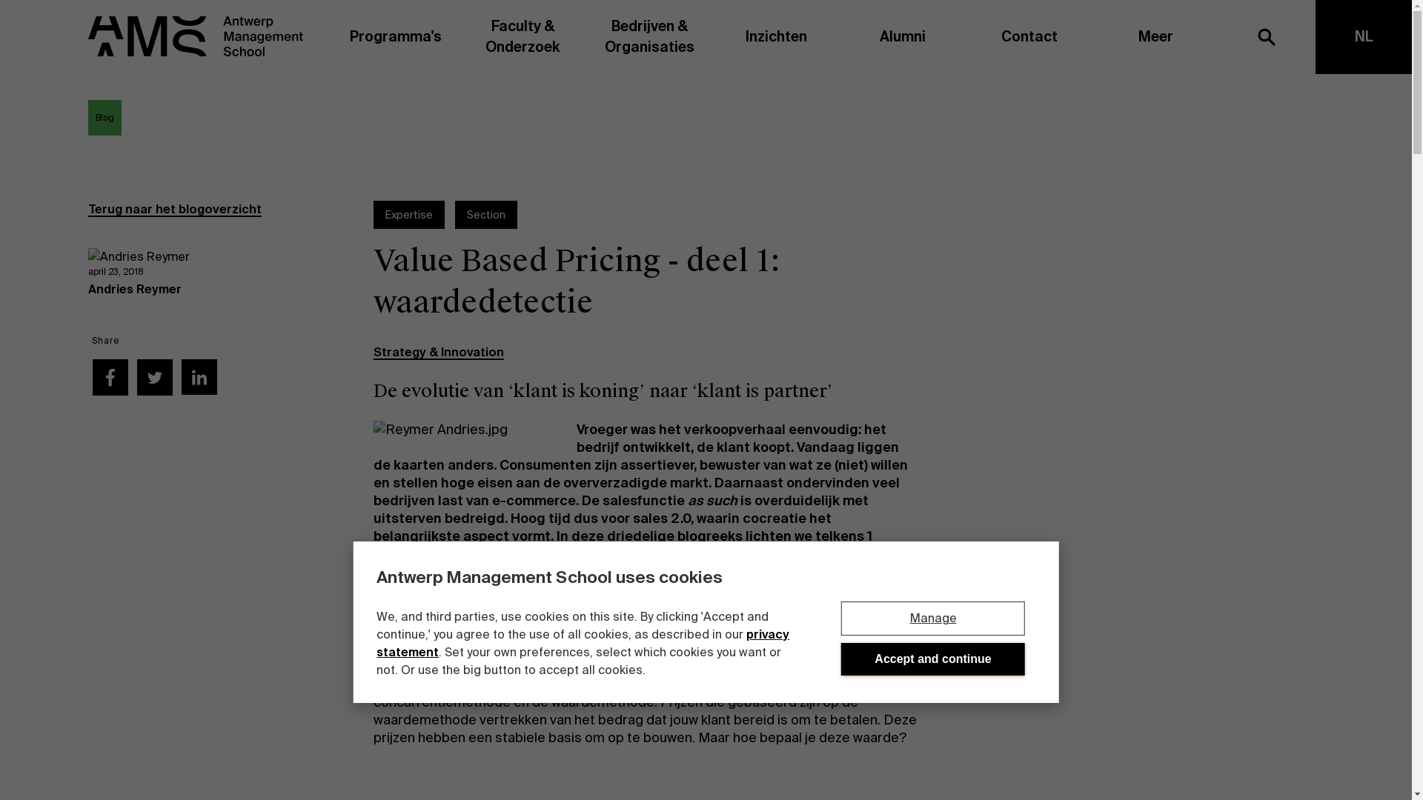 The height and width of the screenshot is (800, 1423). I want to click on 'Meer', so click(1155, 36).